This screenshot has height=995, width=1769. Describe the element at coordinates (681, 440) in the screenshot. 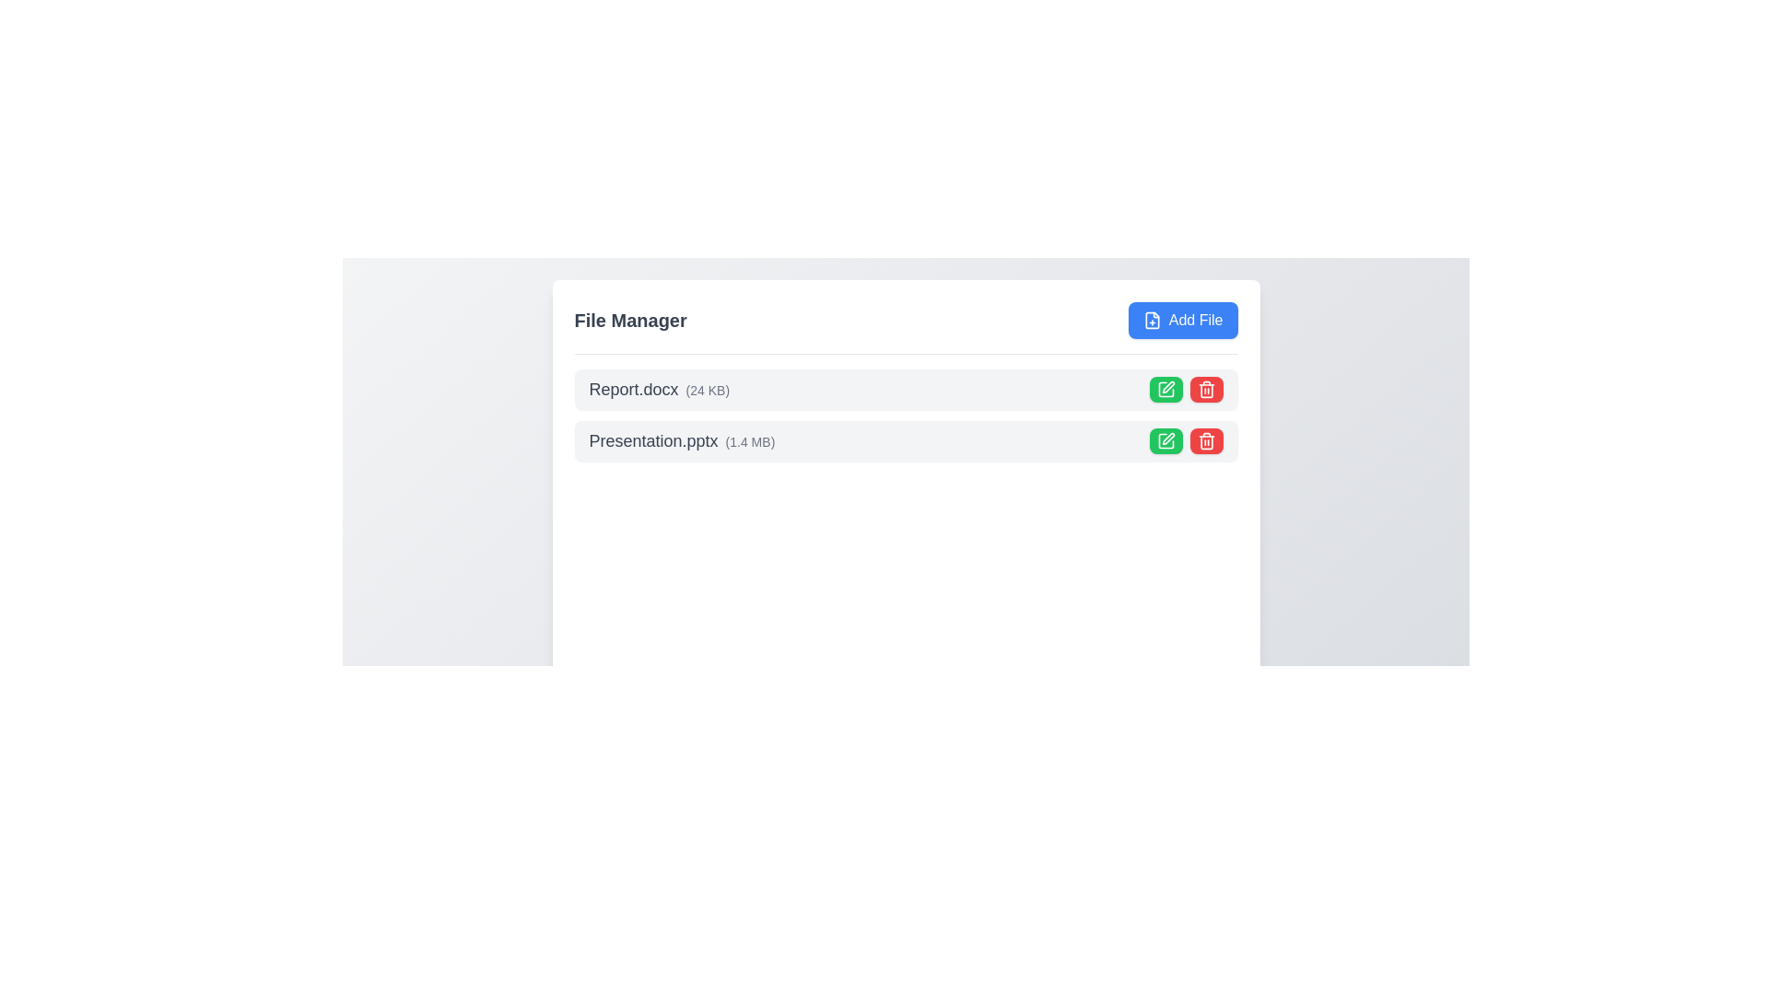

I see `the Text Label displaying the name and size of a file in the second row of the file listing, located beneath 'Report.docx (24 KB)'` at that location.